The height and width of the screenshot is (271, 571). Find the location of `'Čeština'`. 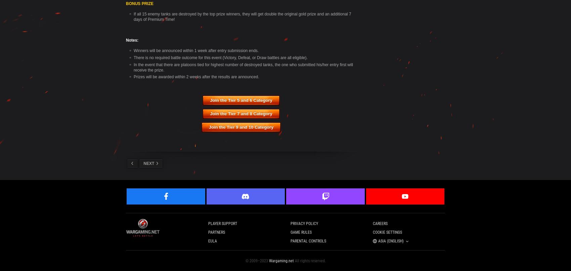

'Čeština' is located at coordinates (137, 140).